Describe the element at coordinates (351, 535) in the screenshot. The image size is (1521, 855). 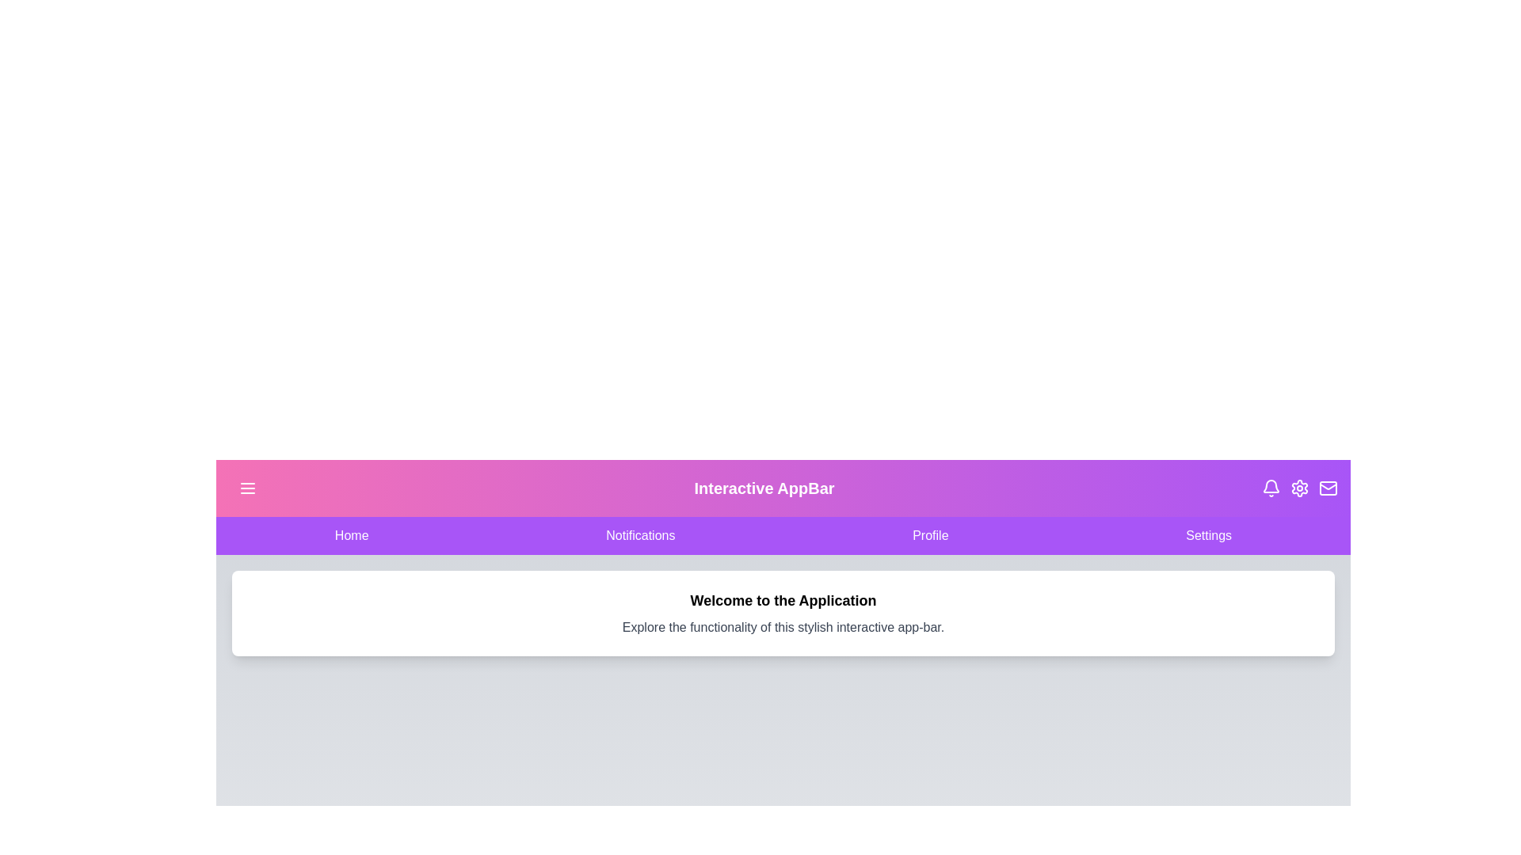
I see `the navigation item Home to navigate` at that location.